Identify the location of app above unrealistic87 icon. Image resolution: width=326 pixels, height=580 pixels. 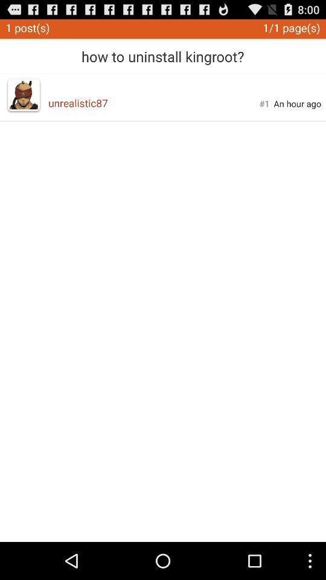
(162, 52).